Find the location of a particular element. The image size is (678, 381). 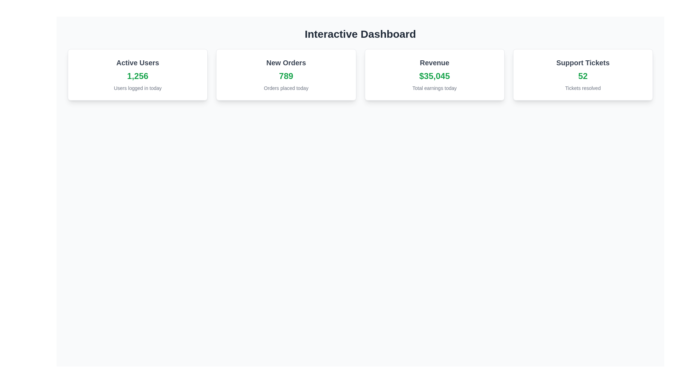

the Text label that provides context for today's total earnings, located within the 'Revenue' card, positioned below the '$35,045' text is located at coordinates (434, 88).